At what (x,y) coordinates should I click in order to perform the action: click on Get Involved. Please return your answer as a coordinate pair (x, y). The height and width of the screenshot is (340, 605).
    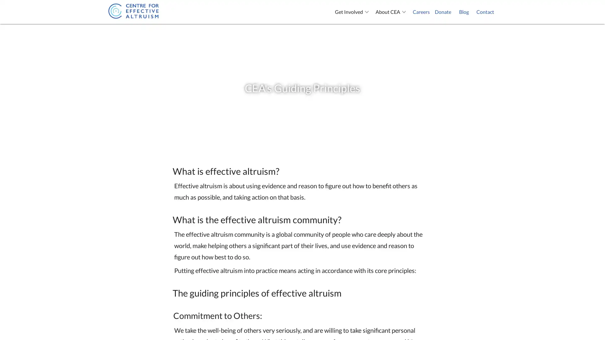
    Looking at the image, I should click on (352, 12).